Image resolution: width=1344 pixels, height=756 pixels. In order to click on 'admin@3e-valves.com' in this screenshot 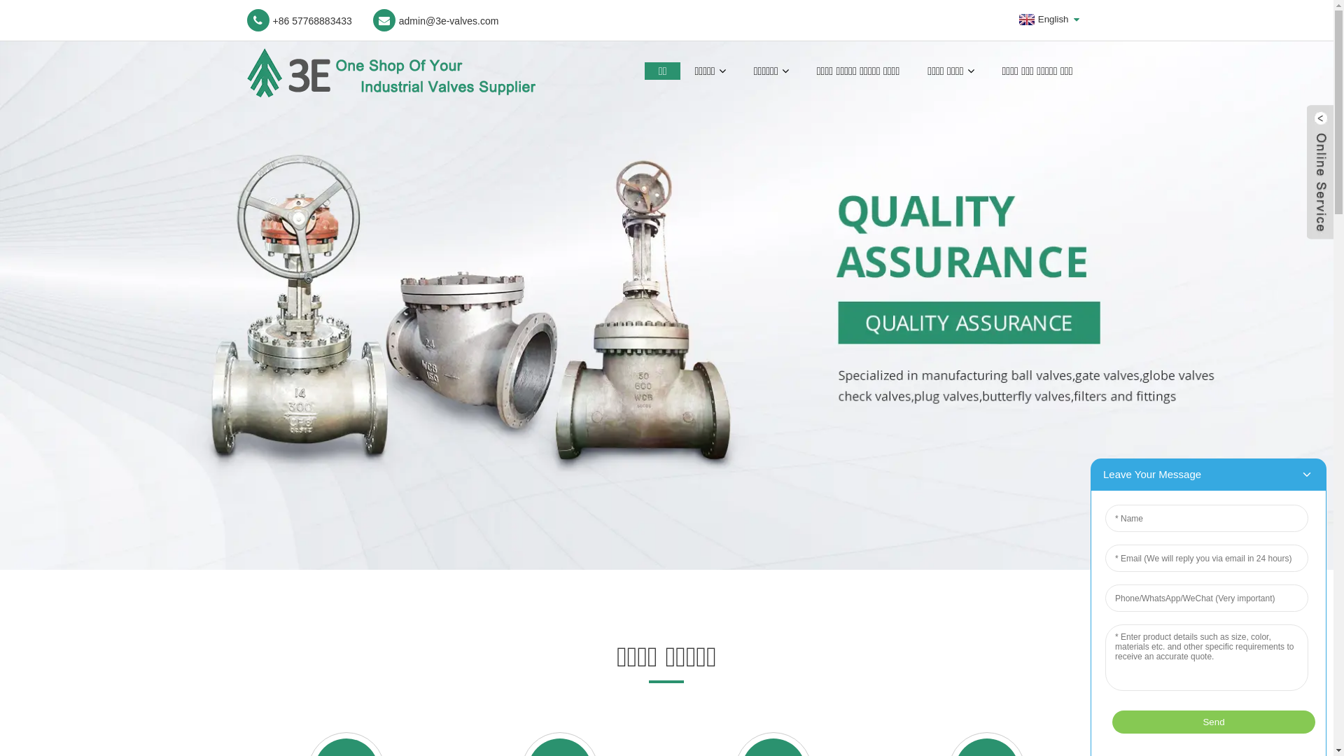, I will do `click(435, 20)`.